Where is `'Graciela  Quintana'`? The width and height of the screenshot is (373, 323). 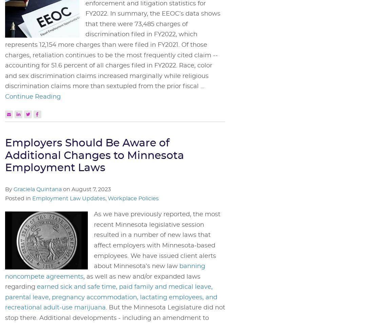
'Graciela  Quintana' is located at coordinates (37, 189).